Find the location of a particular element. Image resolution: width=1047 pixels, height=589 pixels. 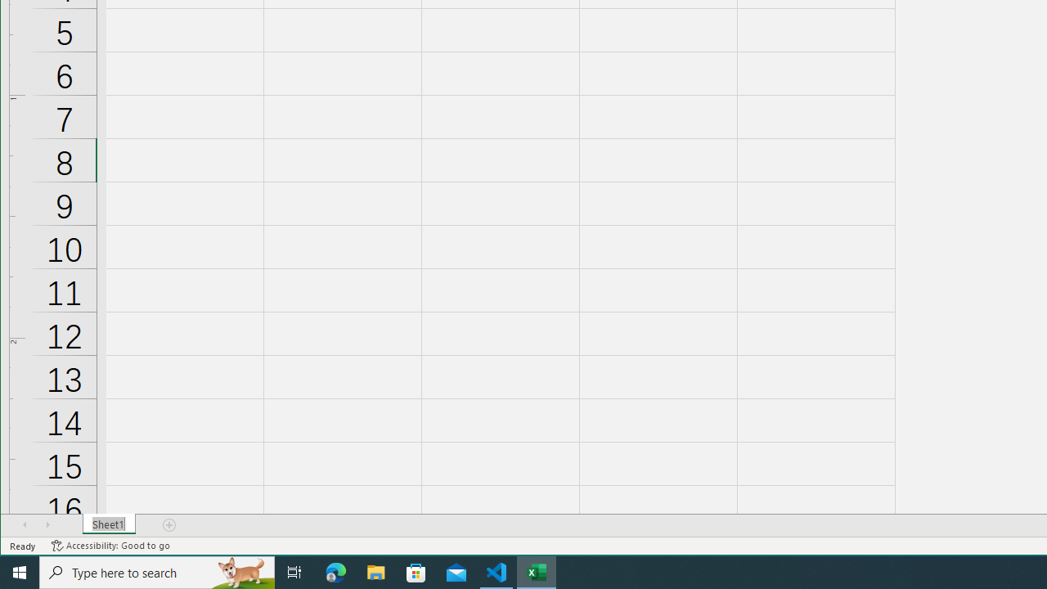

'Start' is located at coordinates (20, 571).